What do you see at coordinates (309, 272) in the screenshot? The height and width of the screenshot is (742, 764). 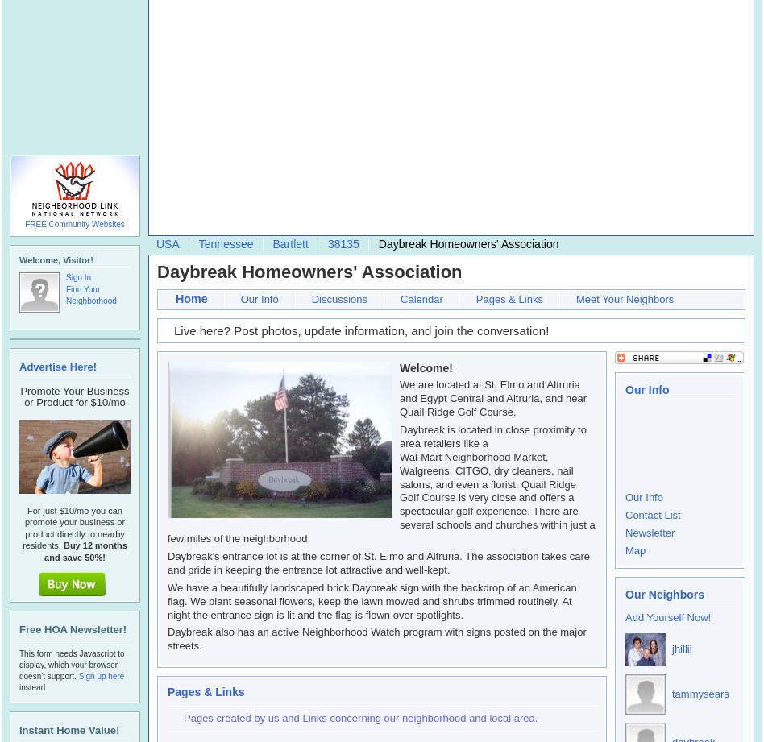 I see `'Daybreak Homeowners' Association'` at bounding box center [309, 272].